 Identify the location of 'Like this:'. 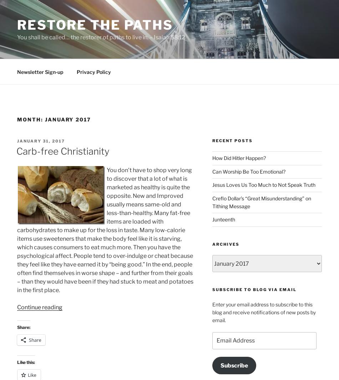
(26, 362).